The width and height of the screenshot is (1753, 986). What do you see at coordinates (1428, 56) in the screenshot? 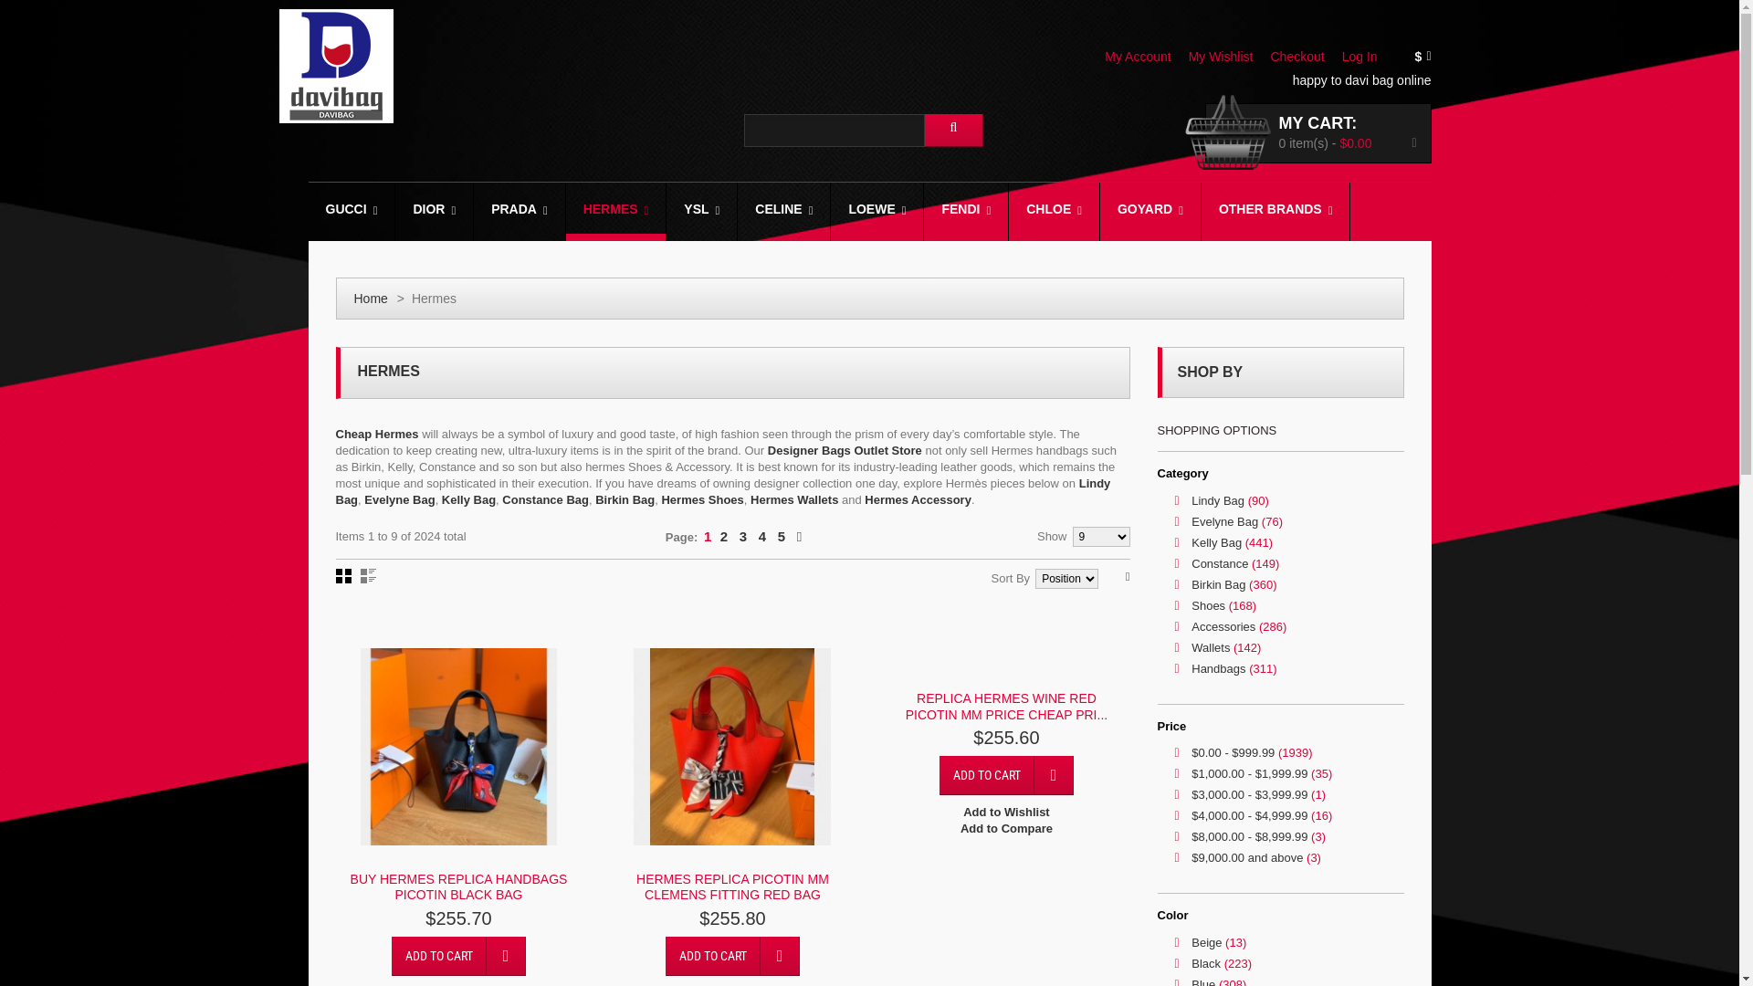
I see `'$'` at bounding box center [1428, 56].